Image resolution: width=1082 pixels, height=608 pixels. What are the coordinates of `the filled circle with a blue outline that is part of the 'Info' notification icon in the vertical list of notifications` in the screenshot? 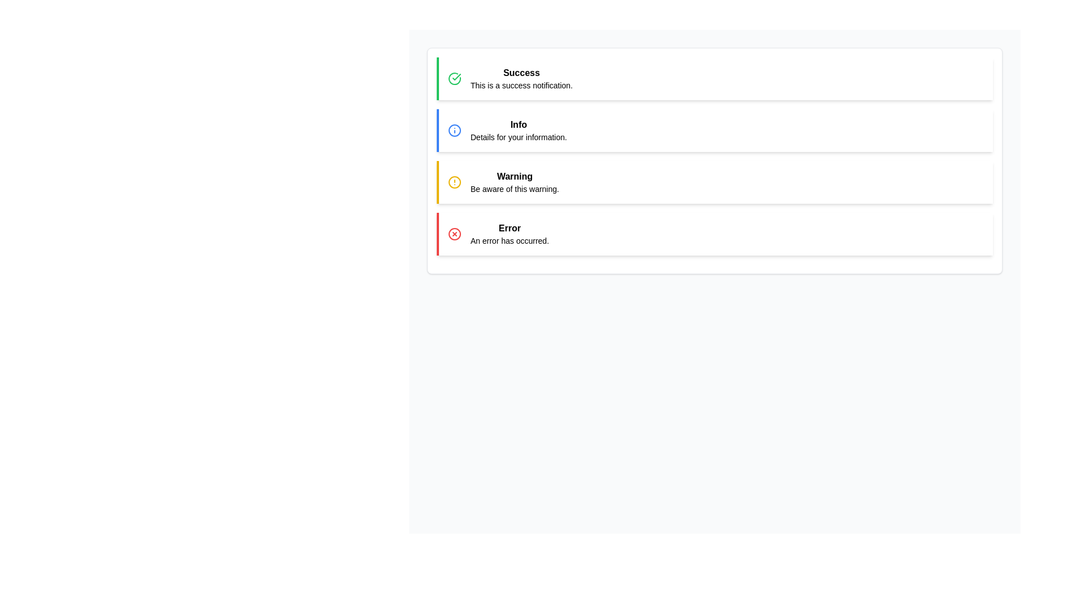 It's located at (454, 129).